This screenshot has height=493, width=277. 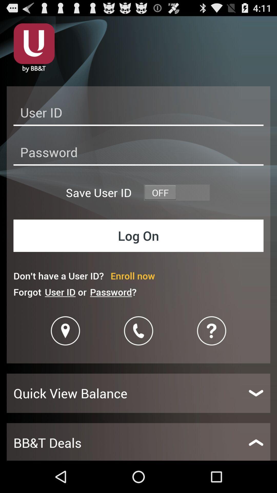 I want to click on item below the log on item, so click(x=132, y=276).